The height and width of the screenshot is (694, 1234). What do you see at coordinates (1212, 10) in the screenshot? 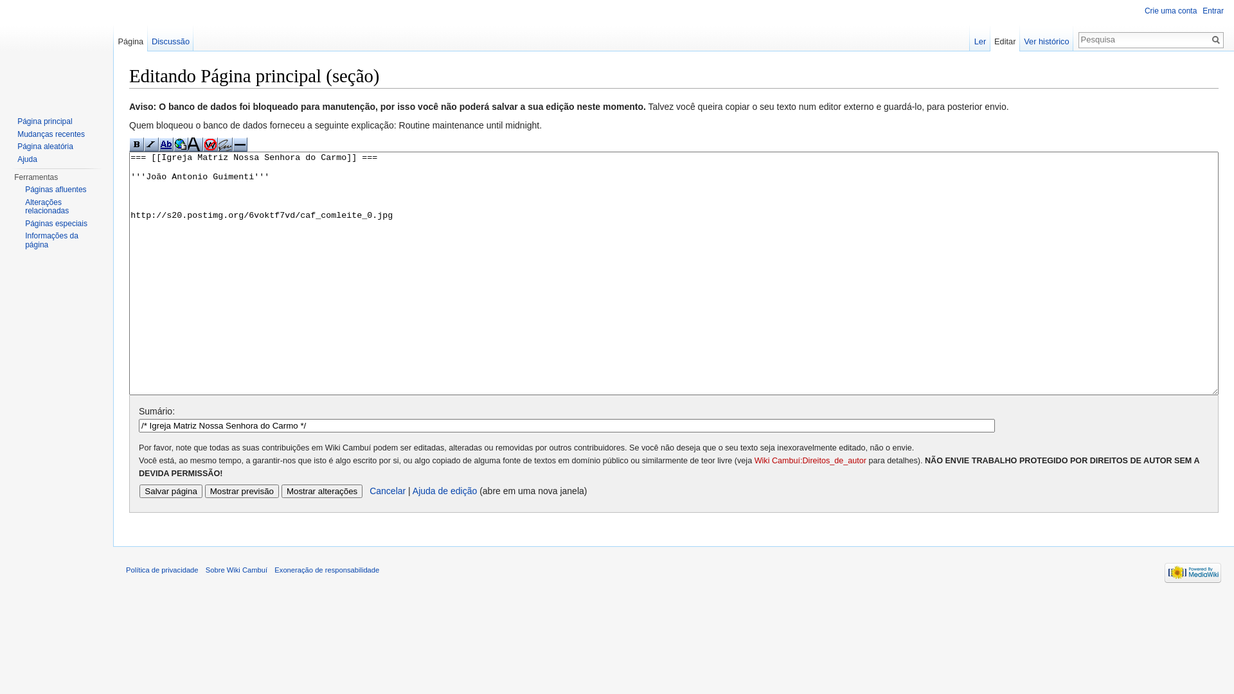
I see `'Entrar'` at bounding box center [1212, 10].